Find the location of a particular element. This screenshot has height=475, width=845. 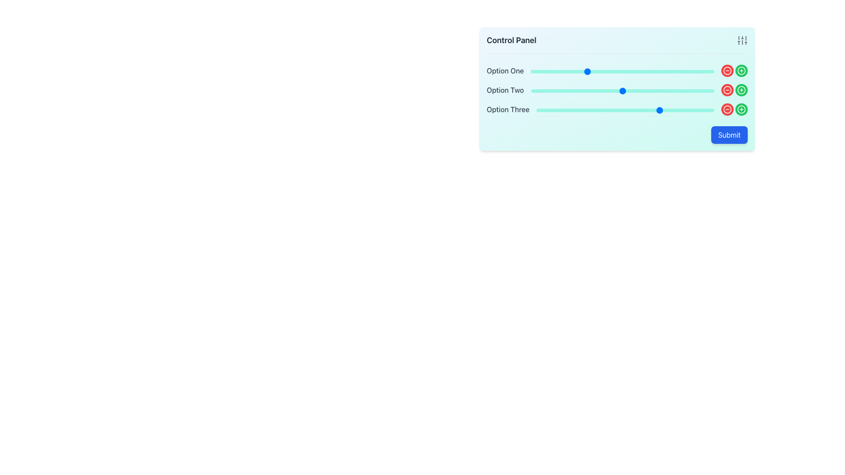

the slider is located at coordinates (599, 91).